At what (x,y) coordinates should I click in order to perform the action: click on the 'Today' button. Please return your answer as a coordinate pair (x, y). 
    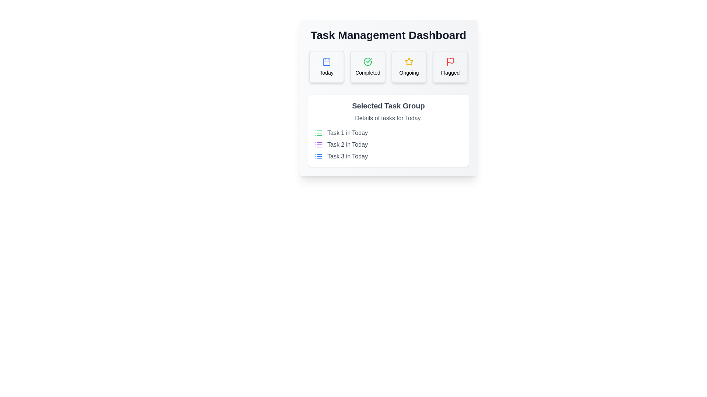
    Looking at the image, I should click on (326, 67).